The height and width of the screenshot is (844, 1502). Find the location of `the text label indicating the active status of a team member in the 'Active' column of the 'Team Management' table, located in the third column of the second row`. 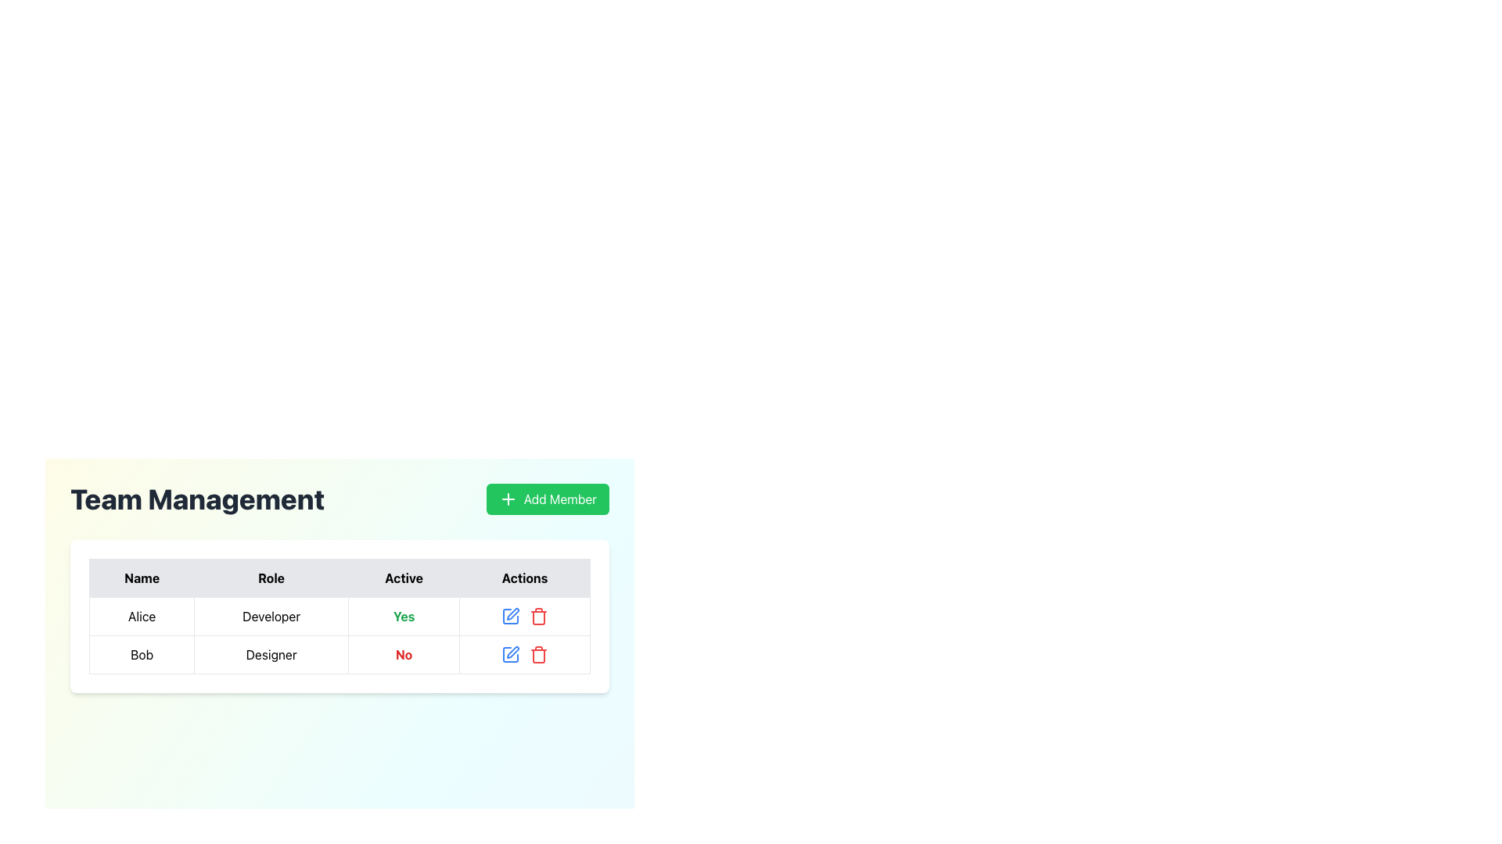

the text label indicating the active status of a team member in the 'Active' column of the 'Team Management' table, located in the third column of the second row is located at coordinates (404, 616).